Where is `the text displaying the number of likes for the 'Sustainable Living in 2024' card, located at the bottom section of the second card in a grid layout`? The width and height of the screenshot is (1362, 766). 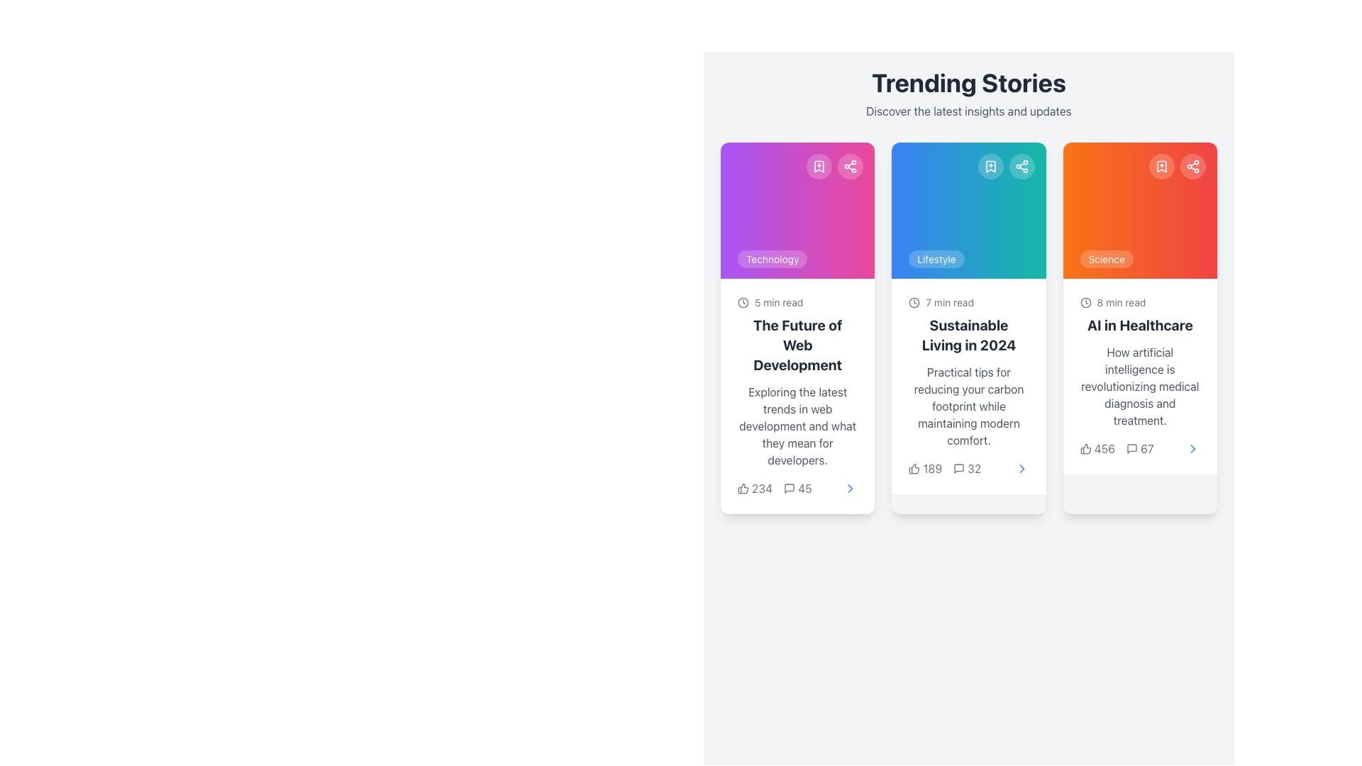 the text displaying the number of likes for the 'Sustainable Living in 2024' card, located at the bottom section of the second card in a grid layout is located at coordinates (932, 468).